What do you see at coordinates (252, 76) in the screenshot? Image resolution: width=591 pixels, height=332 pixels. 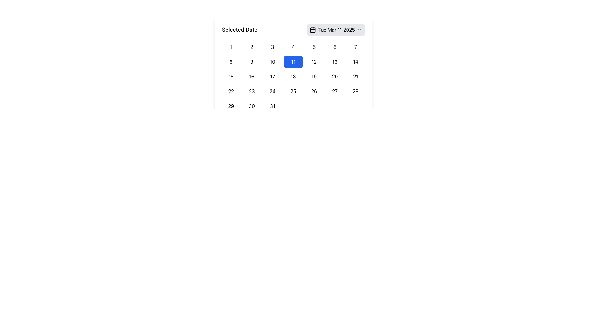 I see `the text element displaying the number '16' located in the second column of the third row of a grid layout representing a calendar` at bounding box center [252, 76].